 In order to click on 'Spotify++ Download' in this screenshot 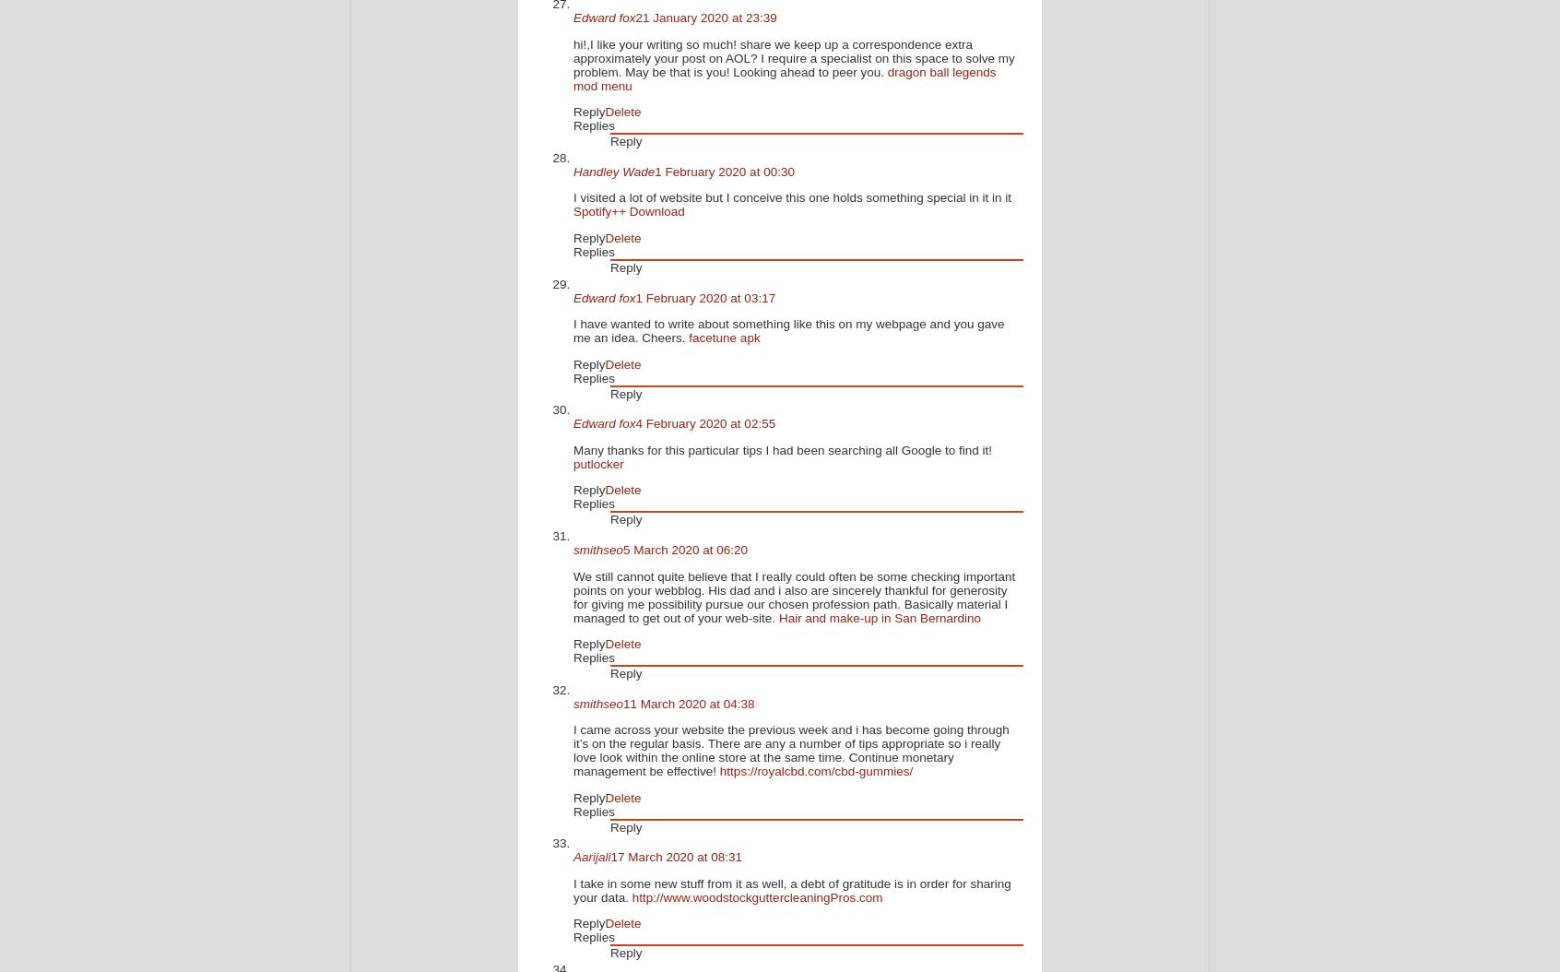, I will do `click(572, 211)`.